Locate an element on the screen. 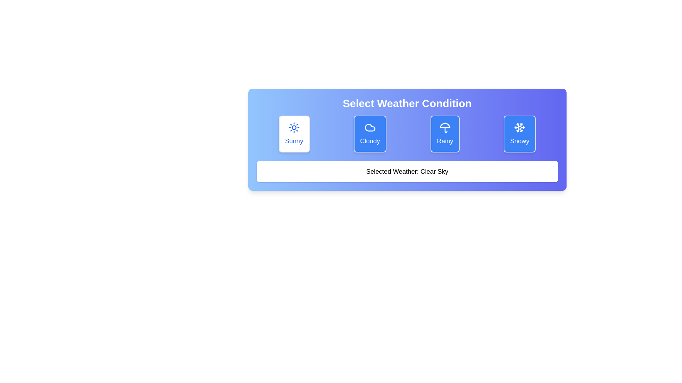  umbrella icon within the 'Rainy' selection box, which is the third box in a row of four weather options, featuring a blue background and the text 'Rainy' is located at coordinates (445, 127).